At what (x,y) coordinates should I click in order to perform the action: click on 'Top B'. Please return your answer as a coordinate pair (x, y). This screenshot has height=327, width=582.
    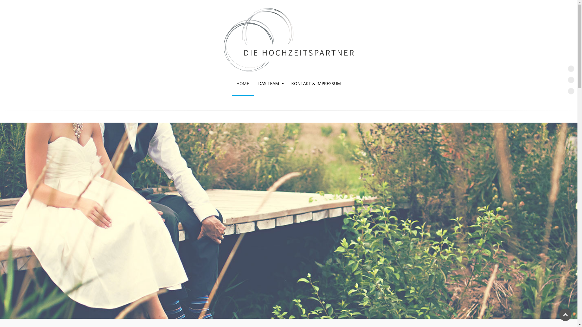
    Looking at the image, I should click on (570, 79).